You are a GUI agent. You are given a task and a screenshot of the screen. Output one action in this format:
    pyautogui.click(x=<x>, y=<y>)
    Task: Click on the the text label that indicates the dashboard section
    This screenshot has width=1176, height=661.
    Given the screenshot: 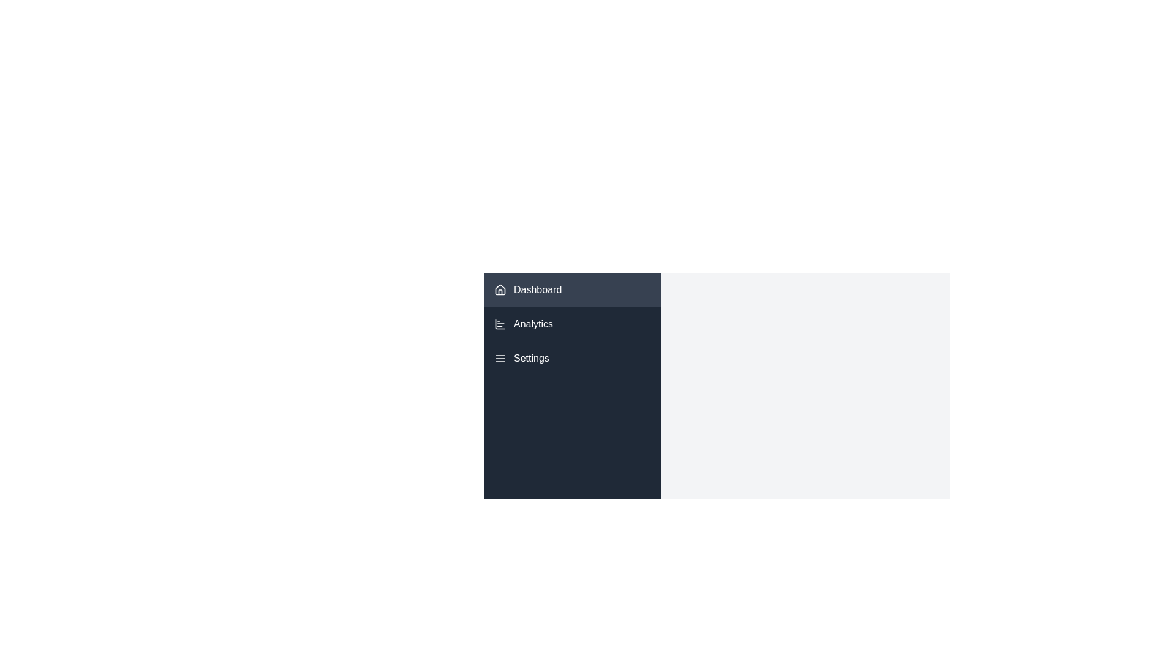 What is the action you would take?
    pyautogui.click(x=538, y=290)
    